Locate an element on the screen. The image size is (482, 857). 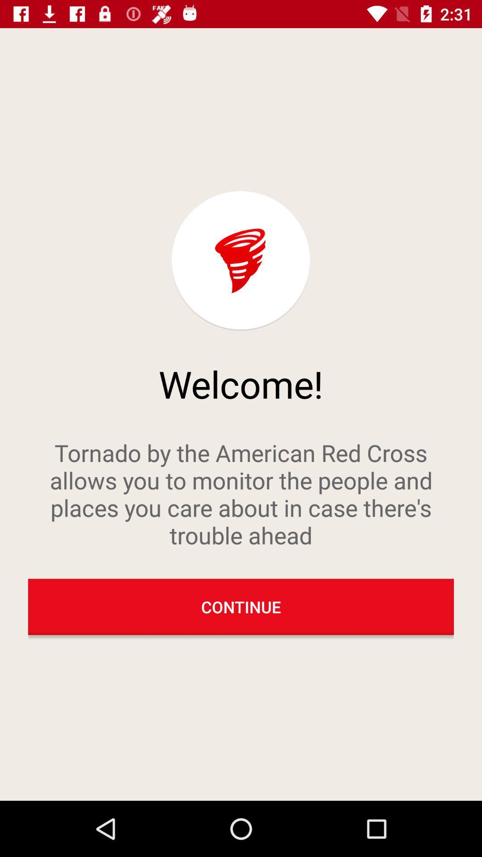
item below tornado by the app is located at coordinates (241, 607).